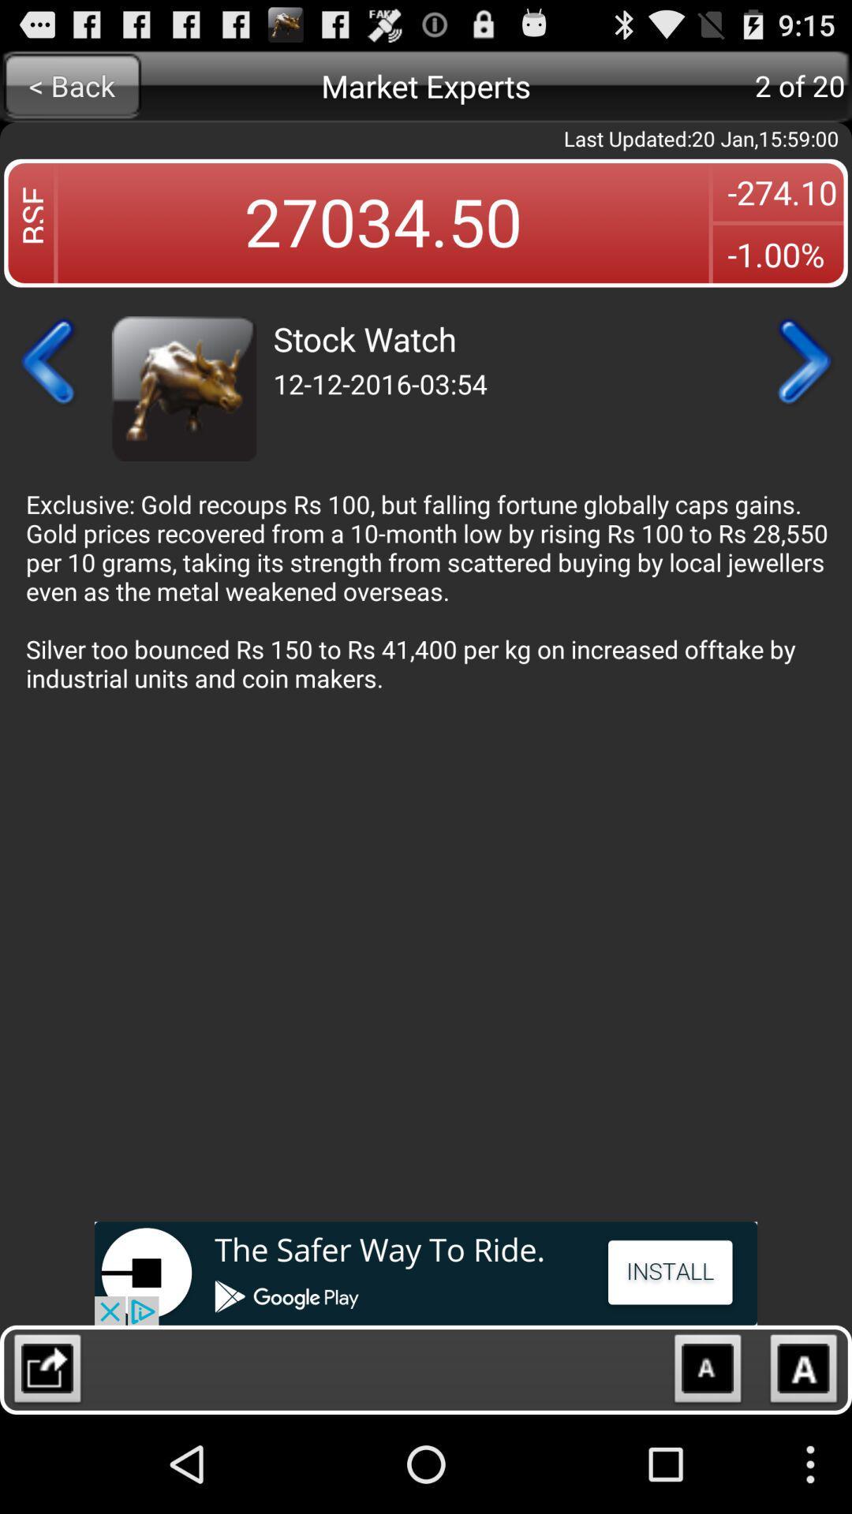 The height and width of the screenshot is (1514, 852). Describe the element at coordinates (802, 387) in the screenshot. I see `the arrow_forward icon` at that location.